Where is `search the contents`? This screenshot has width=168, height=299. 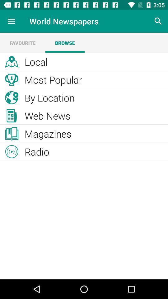 search the contents is located at coordinates (158, 21).